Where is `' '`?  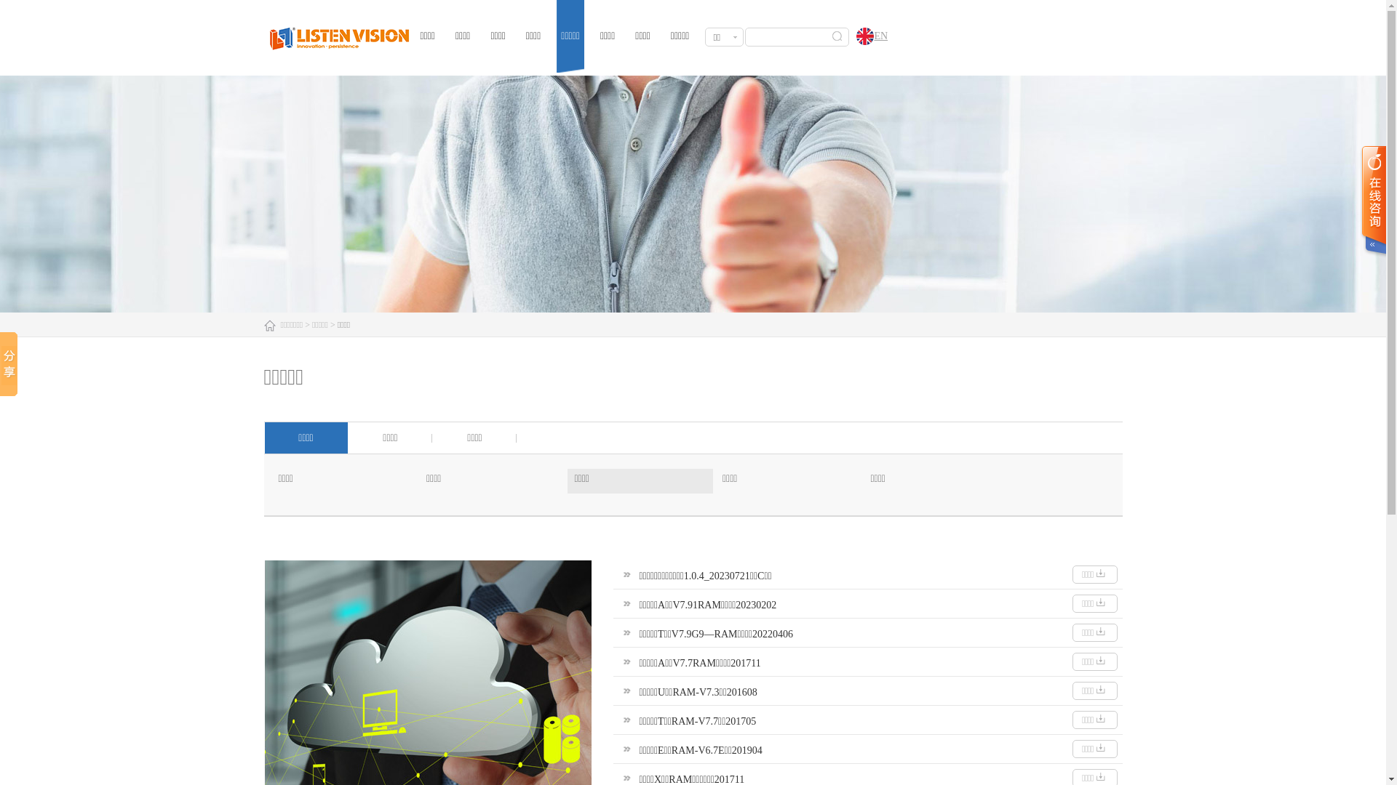 ' ' is located at coordinates (1372, 201).